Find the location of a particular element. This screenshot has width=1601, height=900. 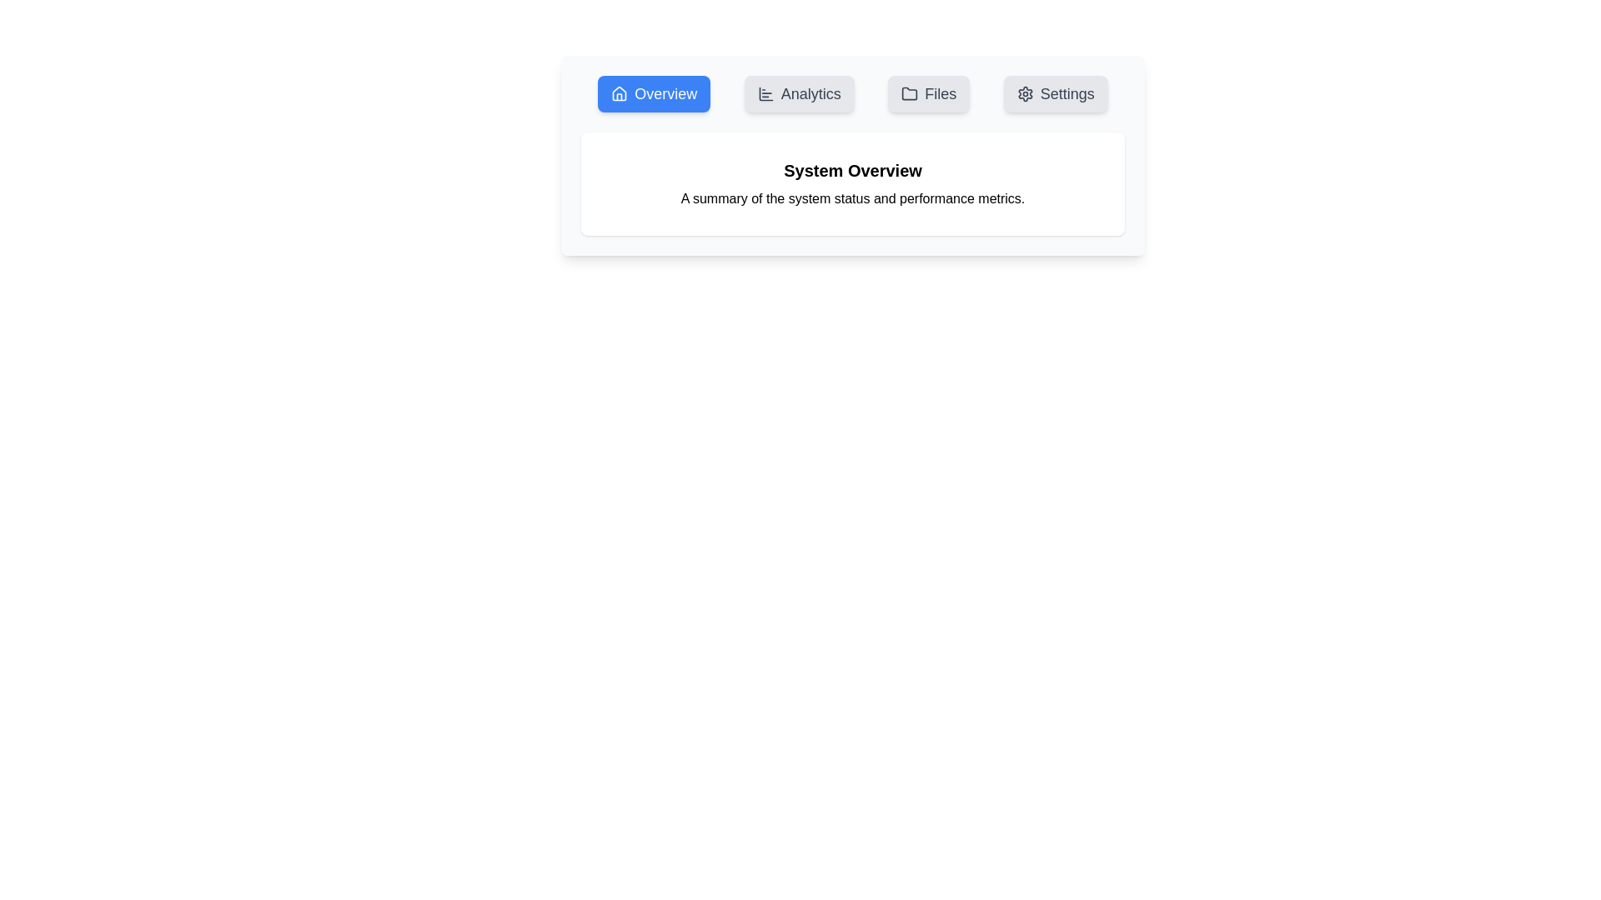

the 'Analytics' button, which is a rectangular button with rounded edges, light gray background, and a bar chart icon on the left is located at coordinates (798, 93).